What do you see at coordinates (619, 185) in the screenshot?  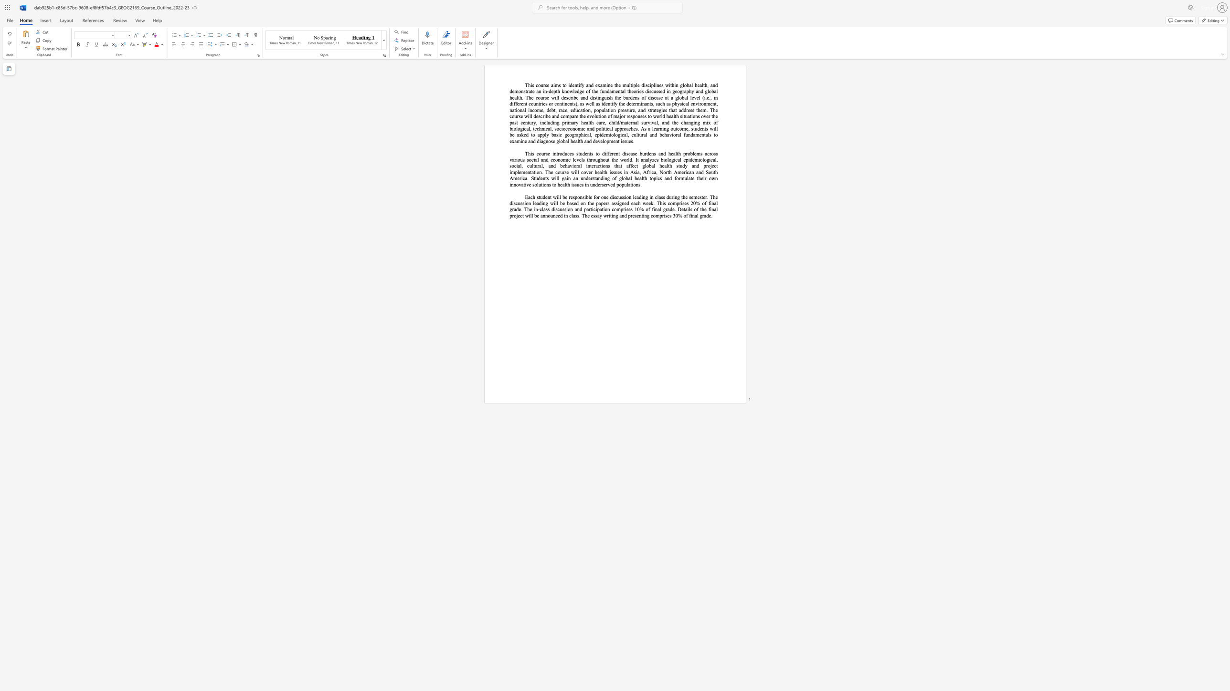 I see `the subset text "opulat" within the text "ed populations."` at bounding box center [619, 185].